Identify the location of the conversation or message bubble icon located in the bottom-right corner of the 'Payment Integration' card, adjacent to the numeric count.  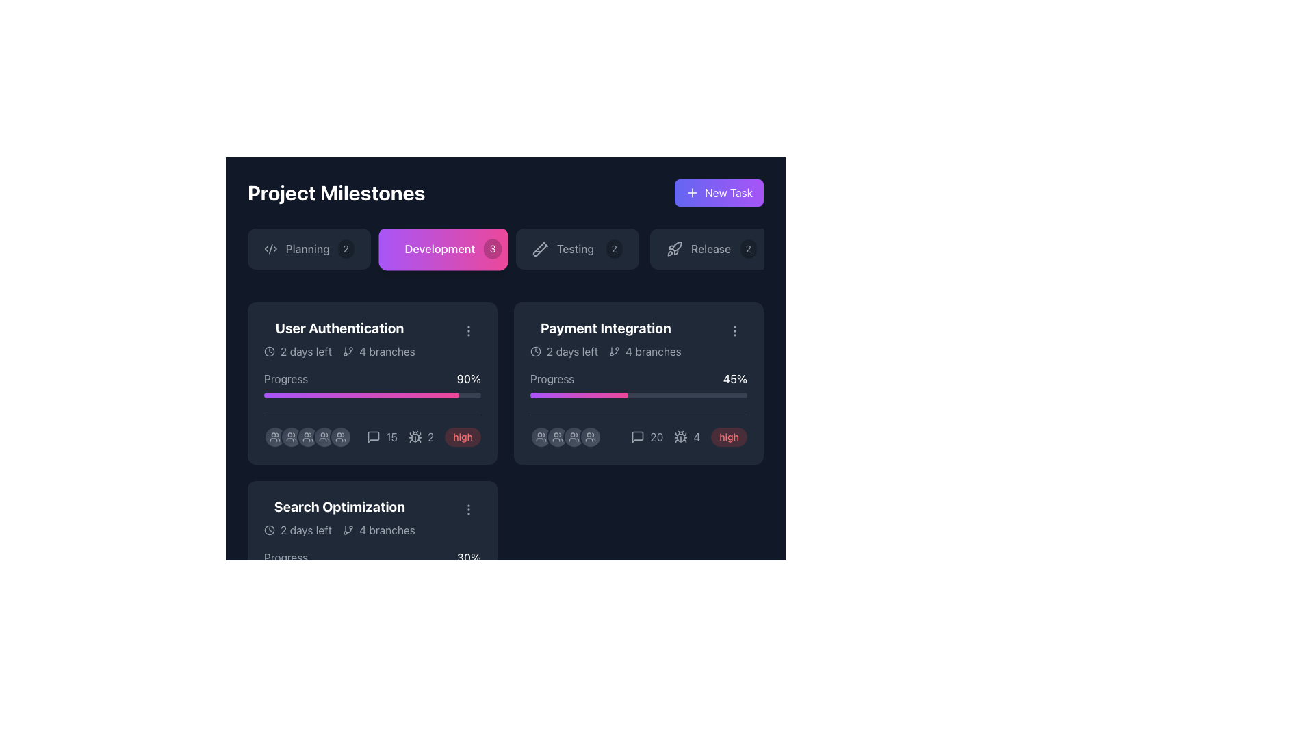
(637, 437).